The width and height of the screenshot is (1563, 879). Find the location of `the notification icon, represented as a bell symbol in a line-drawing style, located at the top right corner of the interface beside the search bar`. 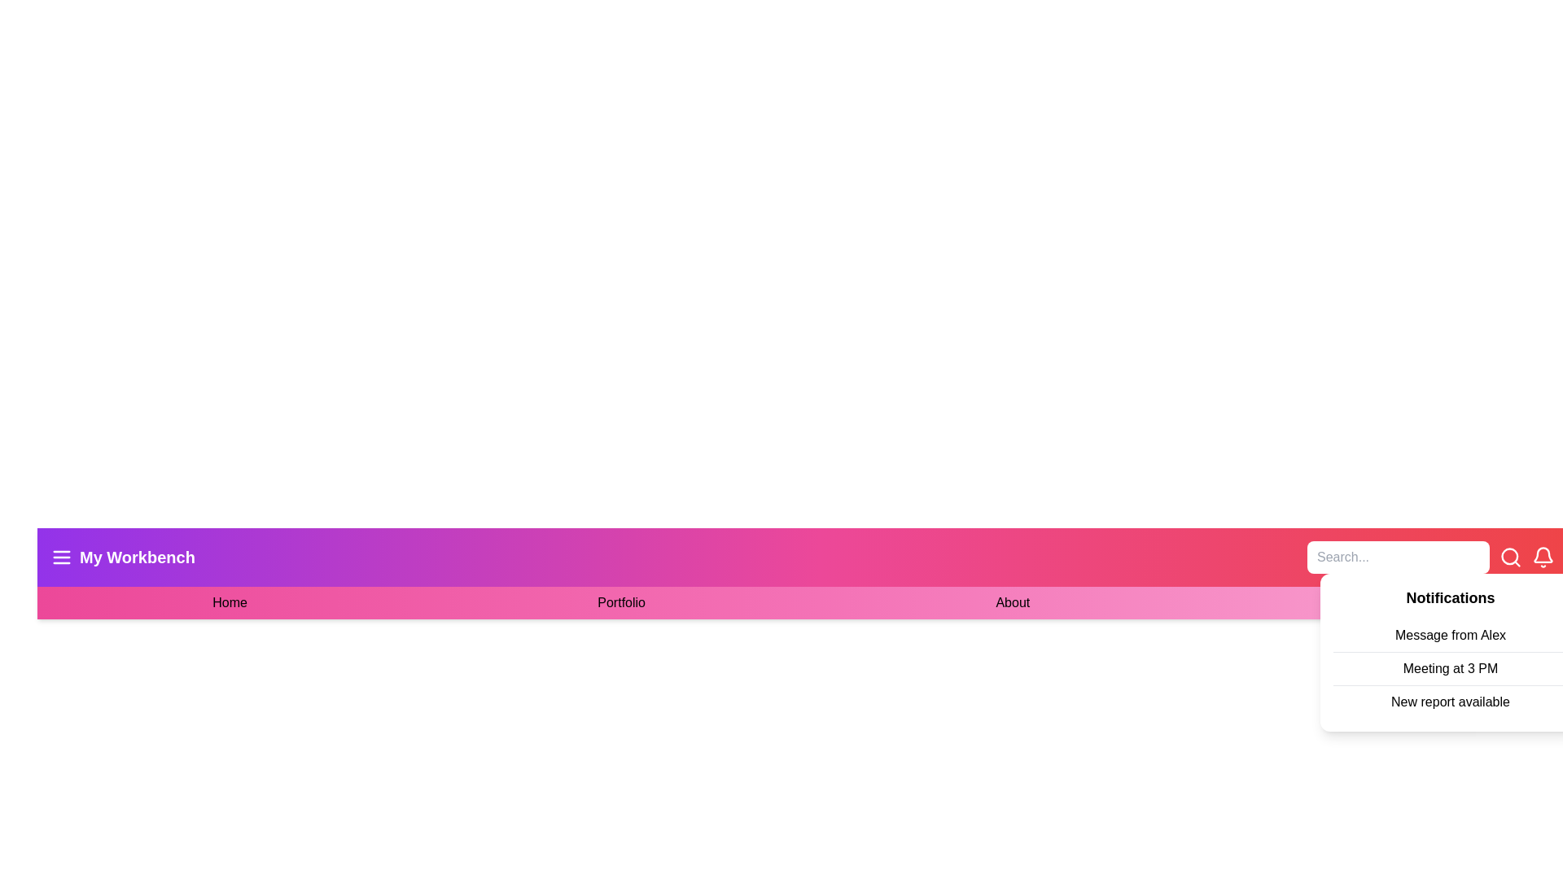

the notification icon, represented as a bell symbol in a line-drawing style, located at the top right corner of the interface beside the search bar is located at coordinates (1543, 554).